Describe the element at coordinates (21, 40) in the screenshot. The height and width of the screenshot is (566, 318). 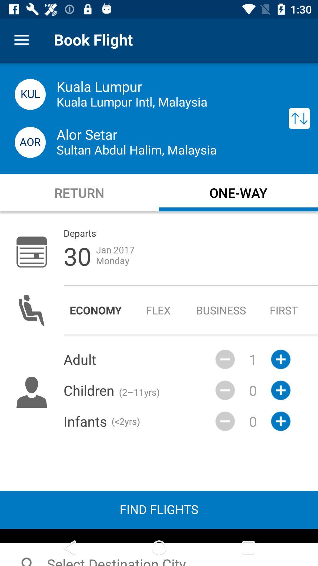
I see `item to the left of the book flight icon` at that location.